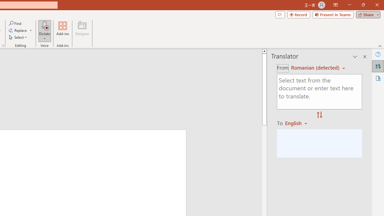  I want to click on 'Designer', so click(82, 31).